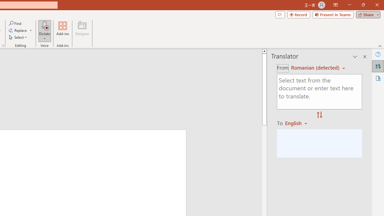  I want to click on 'Designer', so click(82, 31).